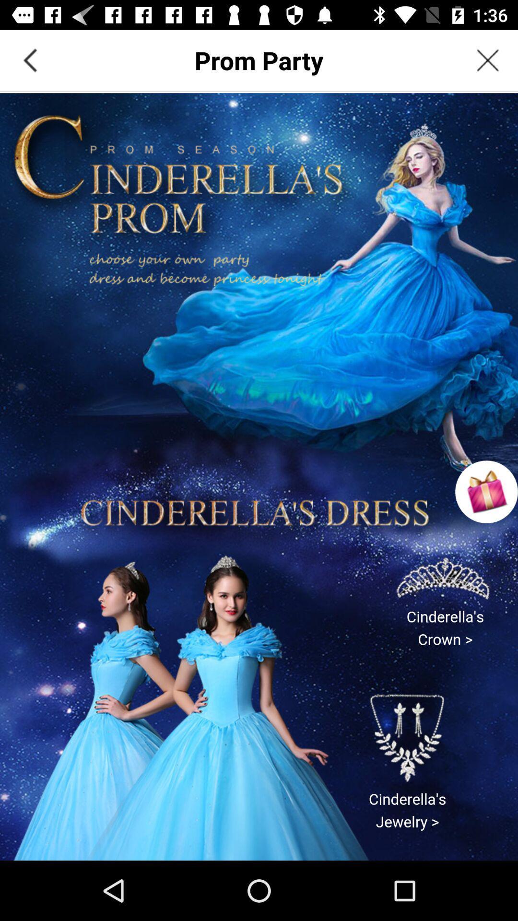 The image size is (518, 921). I want to click on go back, so click(29, 59).